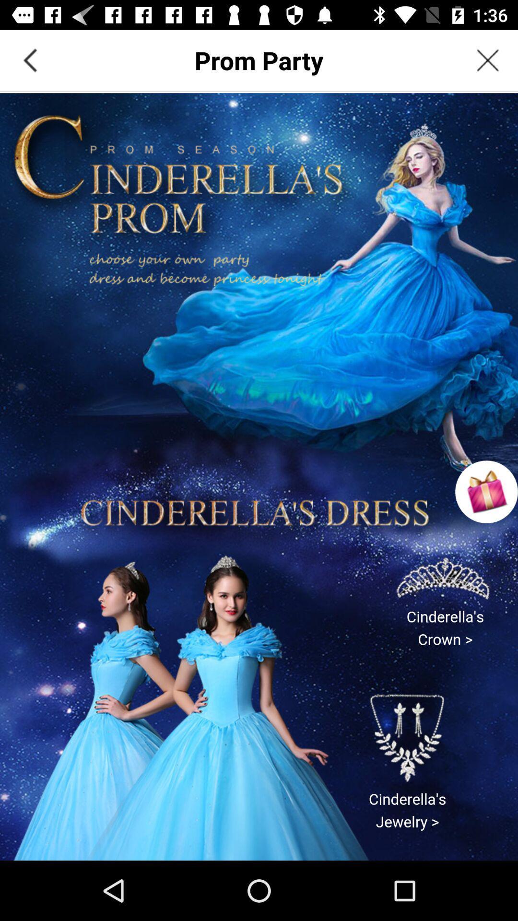 The image size is (518, 921). I want to click on go back, so click(29, 59).